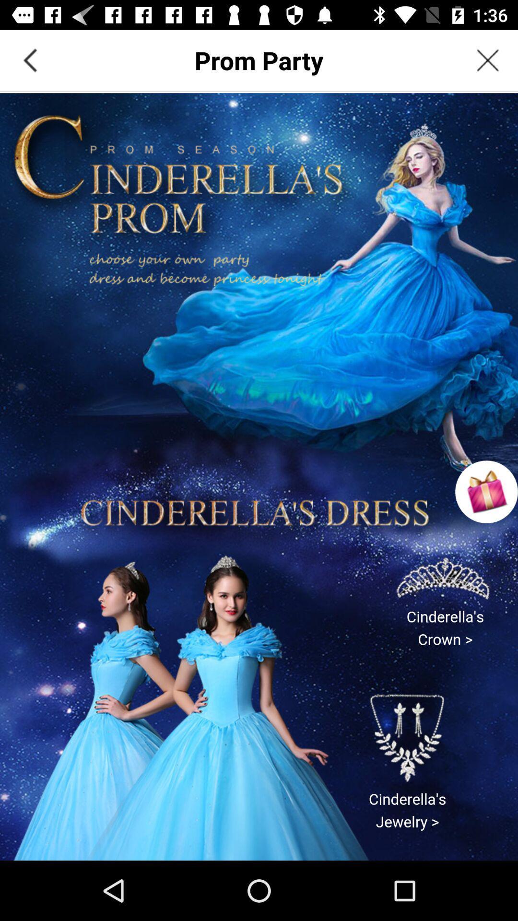 The image size is (518, 921). I want to click on go back, so click(29, 59).